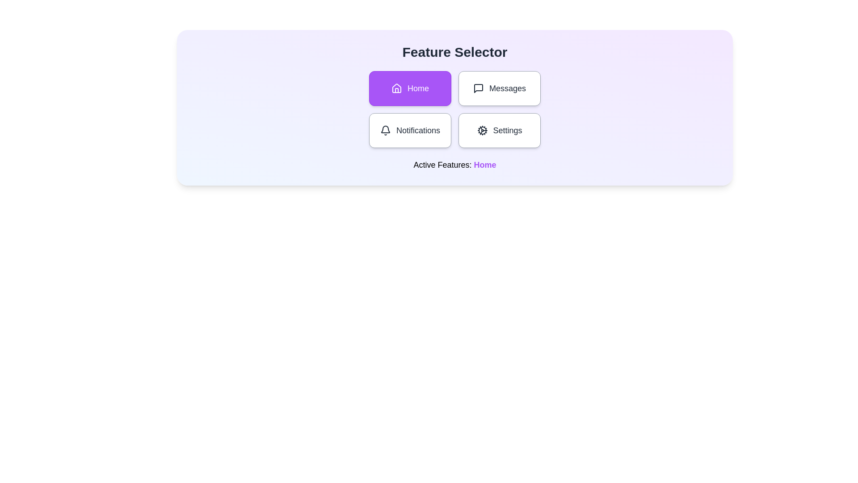  I want to click on the 'Home' icon located at the top left of the button group, so click(396, 88).